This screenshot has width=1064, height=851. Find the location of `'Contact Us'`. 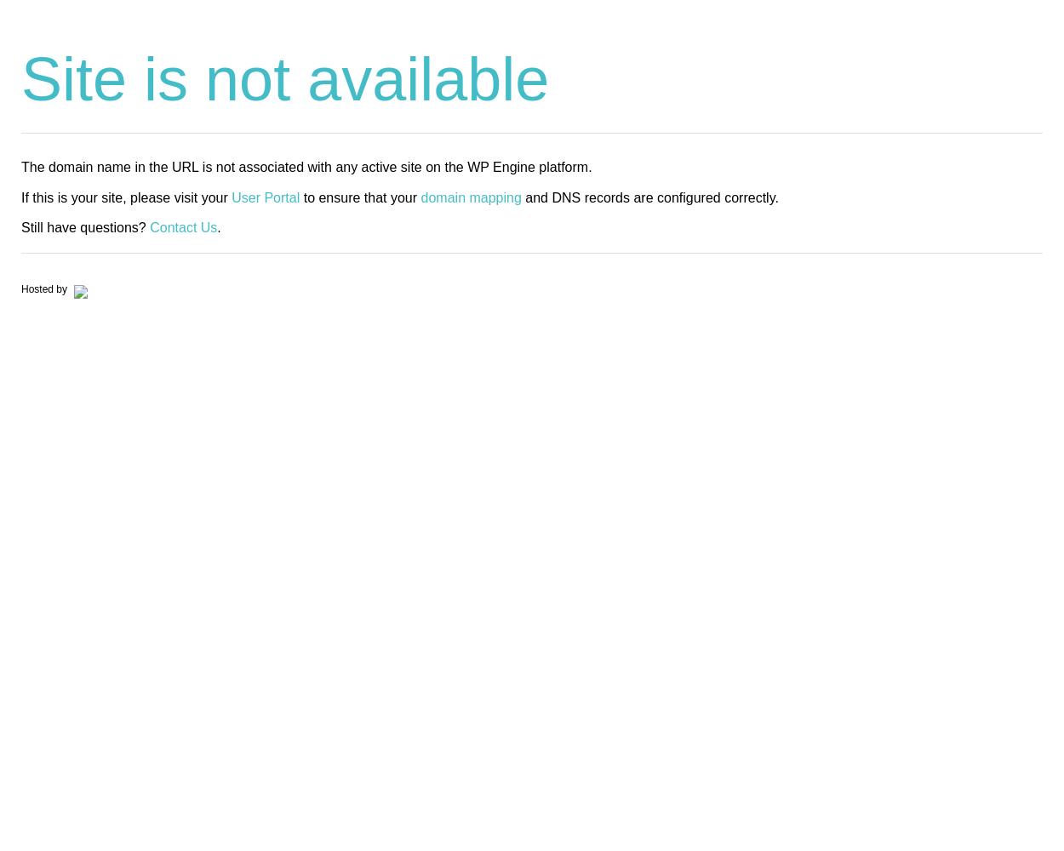

'Contact Us' is located at coordinates (150, 226).